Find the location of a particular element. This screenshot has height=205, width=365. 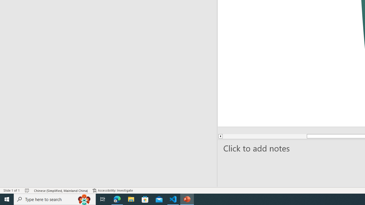

'Page Number Page 1 of 1' is located at coordinates (16, 182).